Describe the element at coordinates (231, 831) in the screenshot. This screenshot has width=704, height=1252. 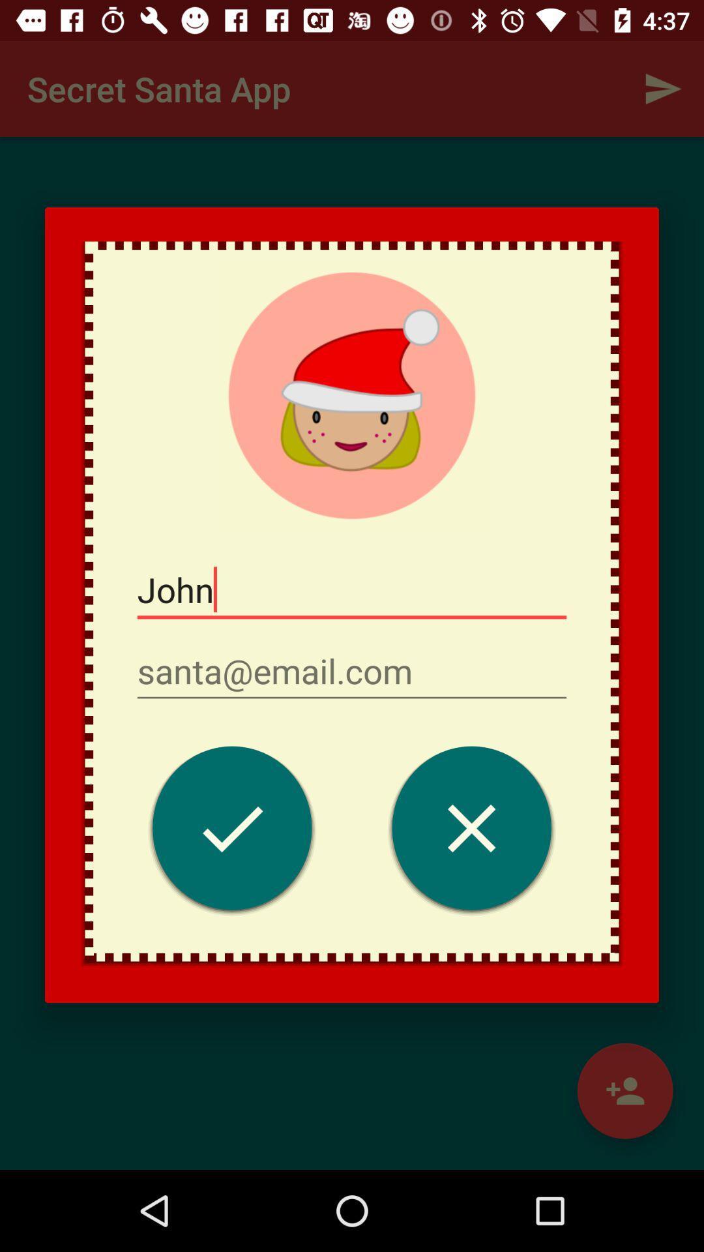
I see `santa contacts secret` at that location.